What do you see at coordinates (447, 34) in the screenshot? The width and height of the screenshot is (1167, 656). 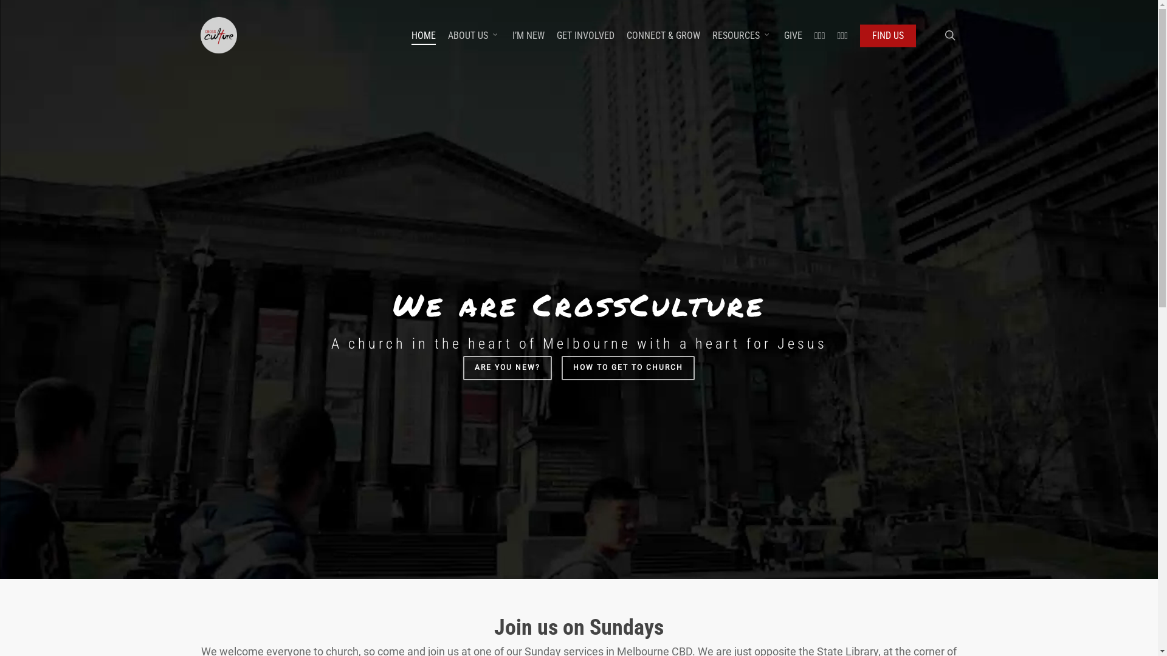 I see `'ABOUT US'` at bounding box center [447, 34].